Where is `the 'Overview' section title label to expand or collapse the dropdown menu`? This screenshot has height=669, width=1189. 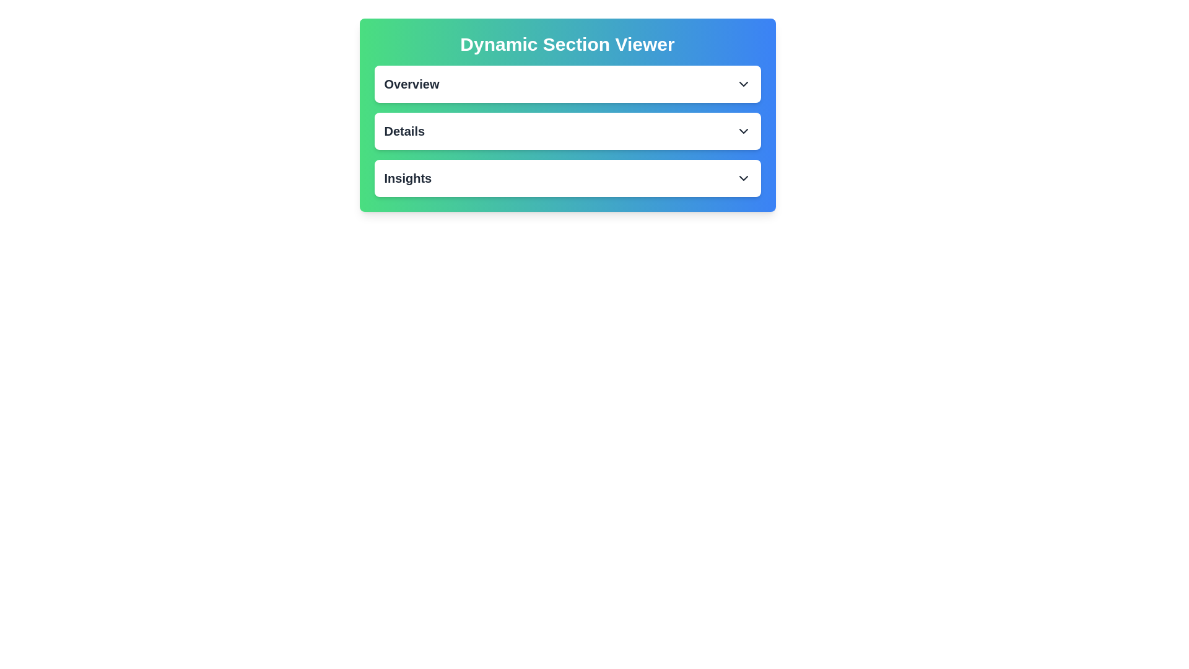 the 'Overview' section title label to expand or collapse the dropdown menu is located at coordinates (411, 84).